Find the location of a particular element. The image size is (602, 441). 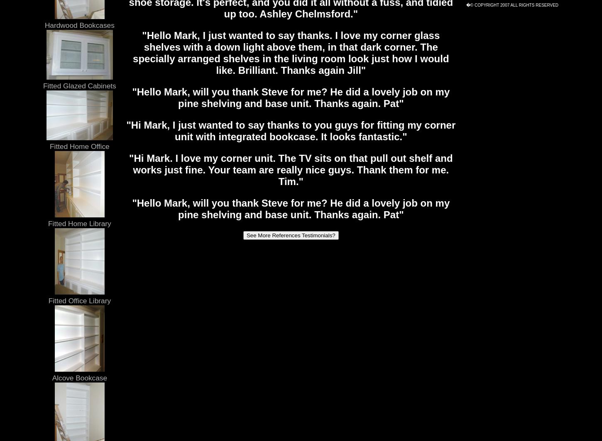

'"Hi Mark. I love my corner unit. The TV sits on that pull out shelf and works just fine. Your team are really nice guys. Thank them for me. Tim."' is located at coordinates (290, 170).